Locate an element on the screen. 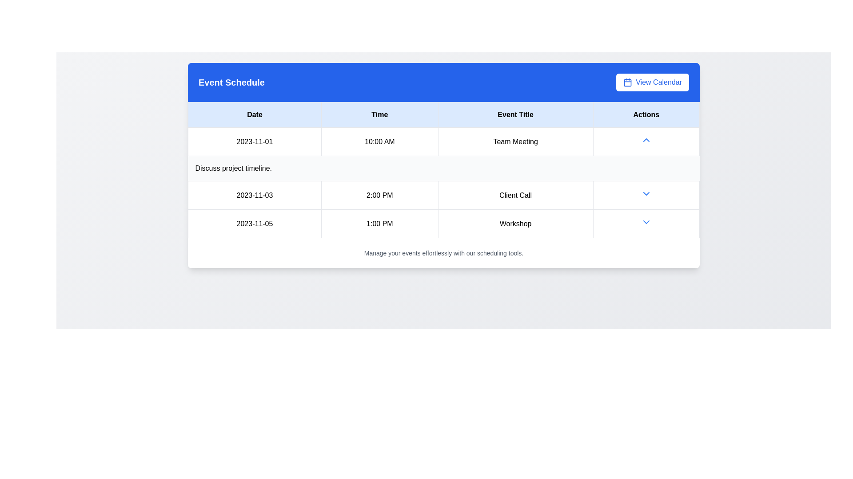 The height and width of the screenshot is (479, 853). the text label displaying the time '10:00 AM' in the second column of the first row of the 'Event Schedule' table is located at coordinates (379, 141).